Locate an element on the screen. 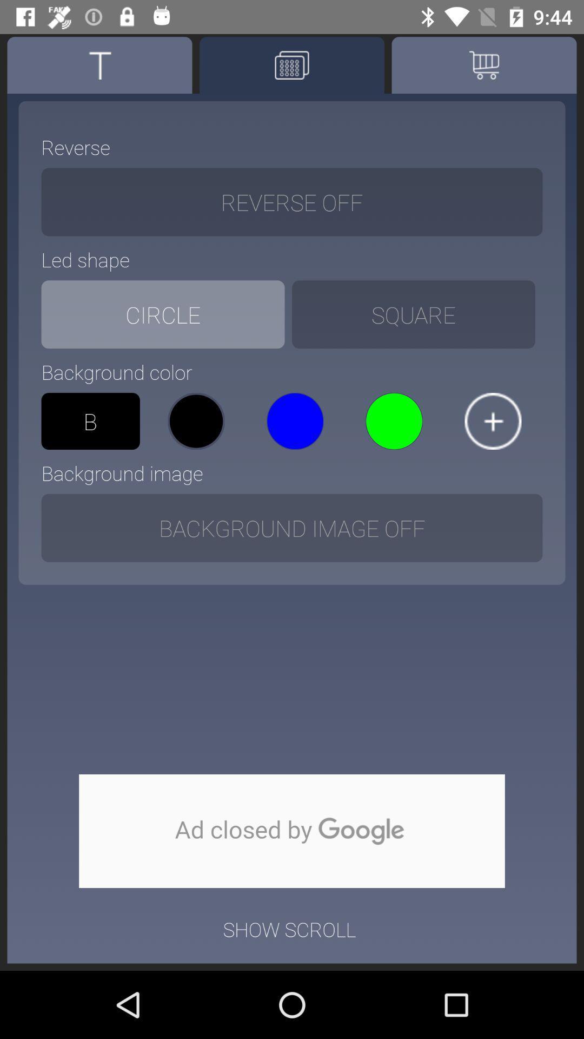 Image resolution: width=584 pixels, height=1039 pixels. open cart is located at coordinates (483, 64).